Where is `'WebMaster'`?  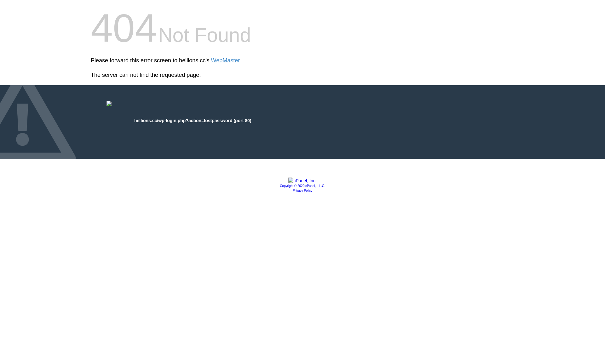
'WebMaster' is located at coordinates (225, 60).